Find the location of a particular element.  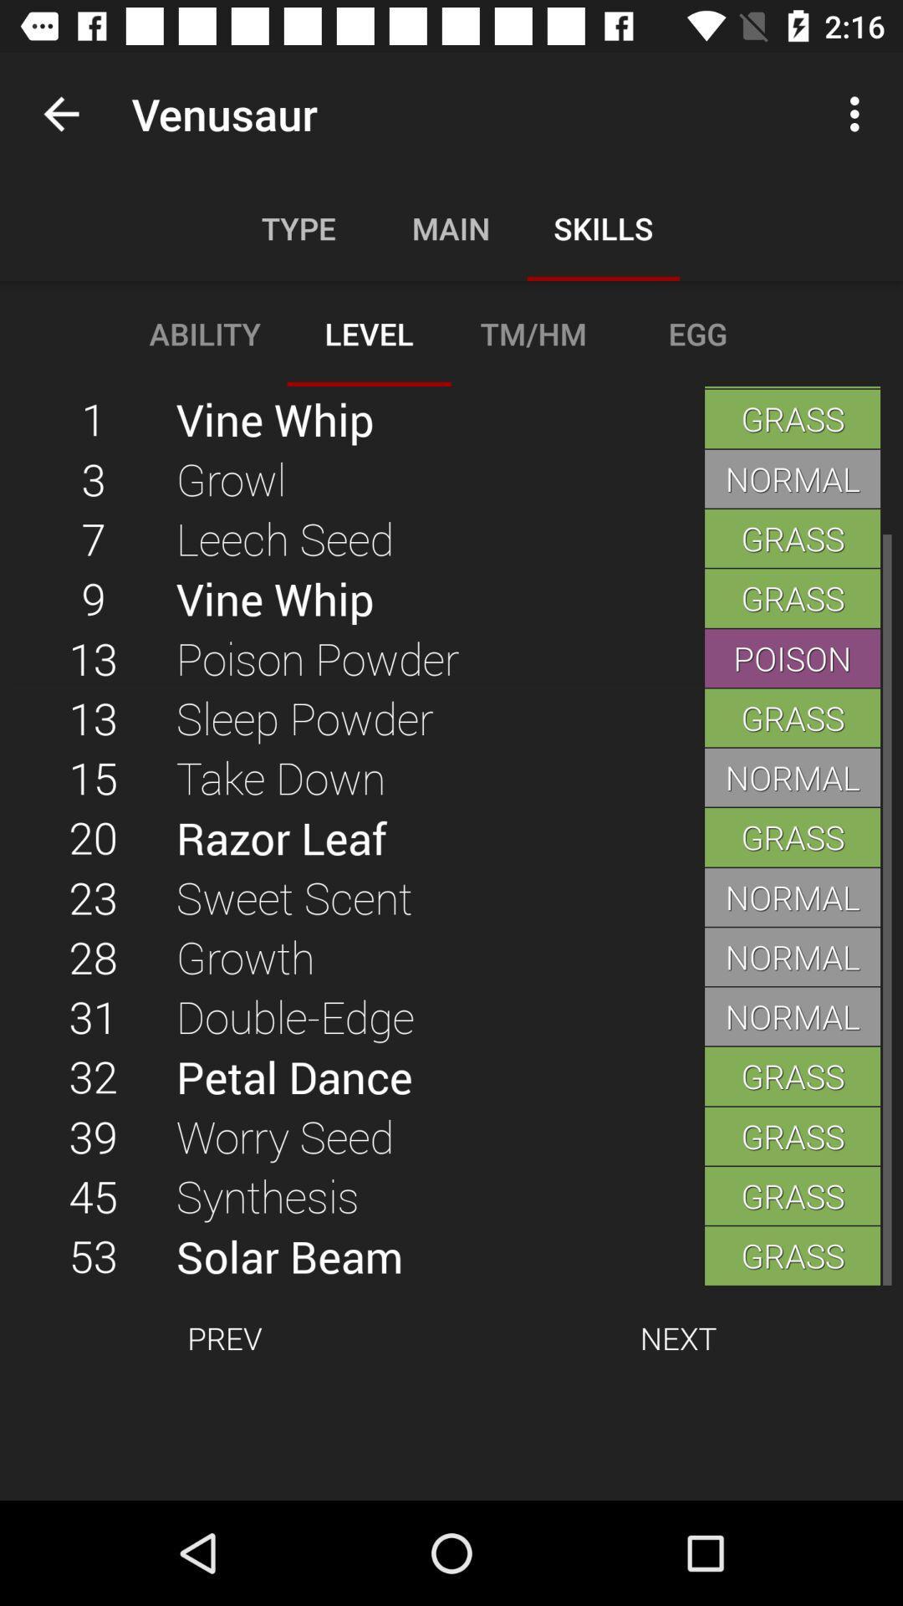

the item to the left of worry seed icon is located at coordinates (94, 1194).